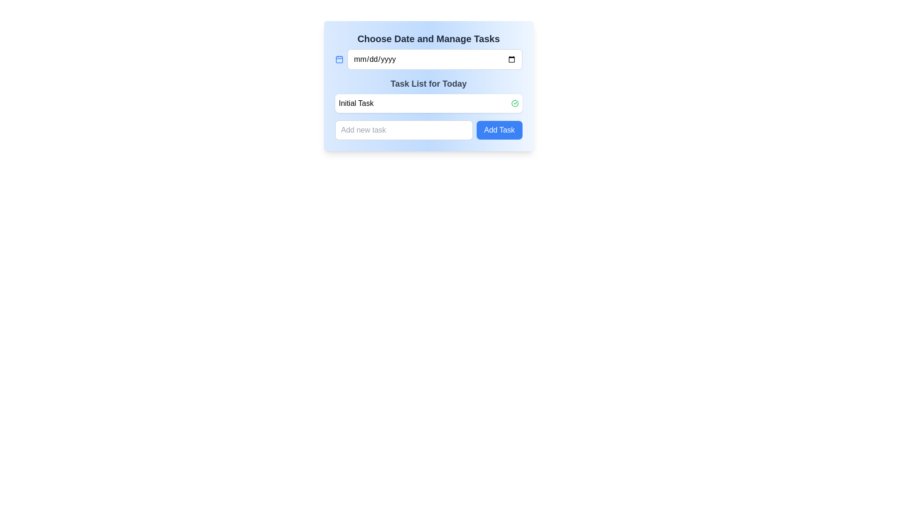  I want to click on the button located to the immediate right of the task input field, so click(499, 130).